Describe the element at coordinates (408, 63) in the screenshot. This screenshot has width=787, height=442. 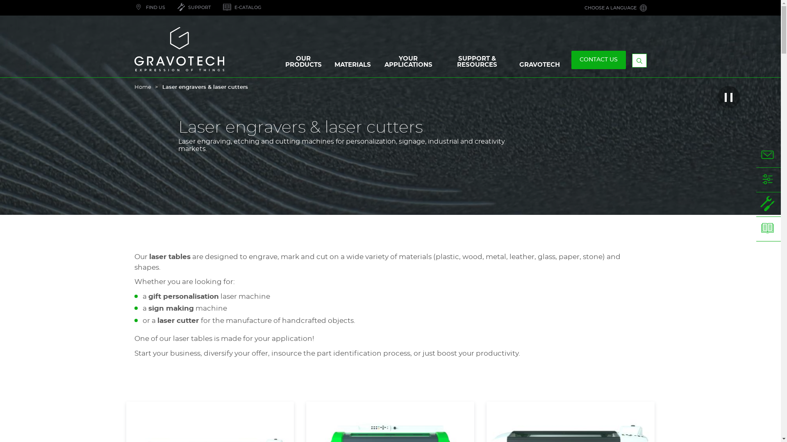
I see `'YOUR APPLICATIONS'` at that location.